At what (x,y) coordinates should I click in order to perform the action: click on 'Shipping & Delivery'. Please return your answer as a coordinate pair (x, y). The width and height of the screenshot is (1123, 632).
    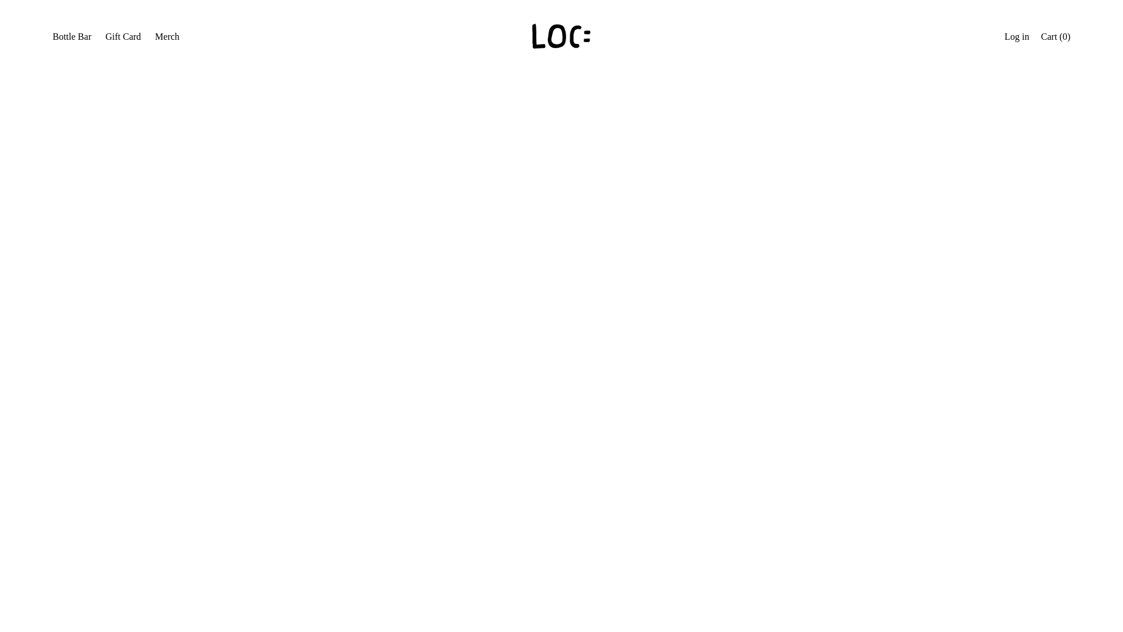
    Looking at the image, I should click on (58, 297).